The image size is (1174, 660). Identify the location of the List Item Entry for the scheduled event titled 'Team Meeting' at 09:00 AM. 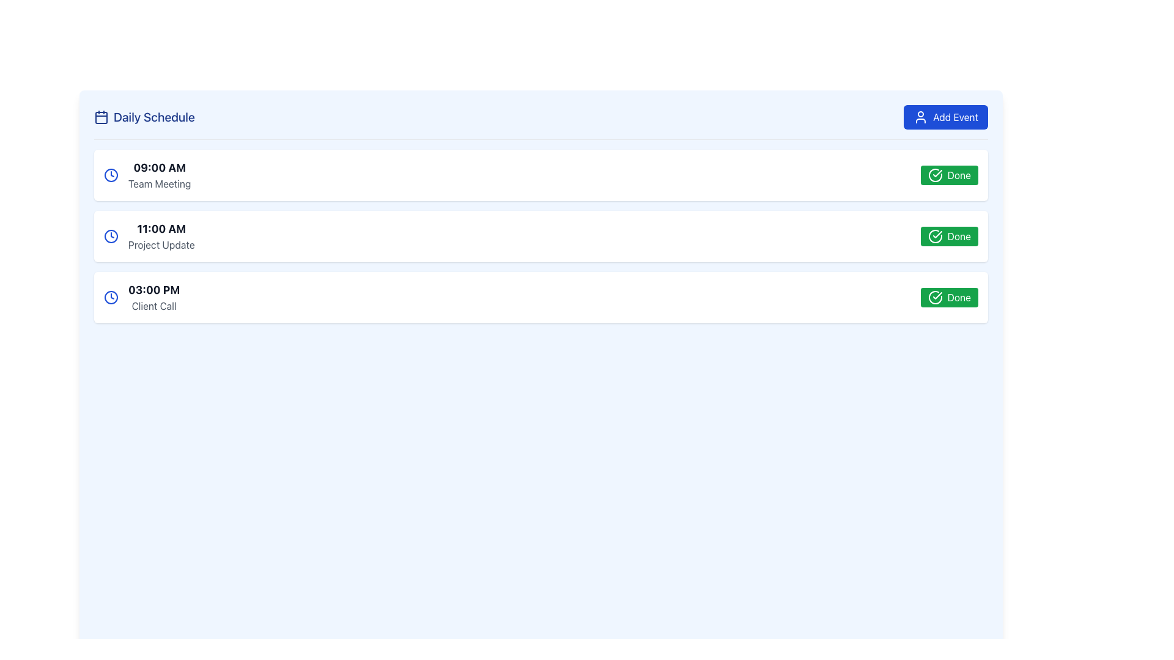
(147, 175).